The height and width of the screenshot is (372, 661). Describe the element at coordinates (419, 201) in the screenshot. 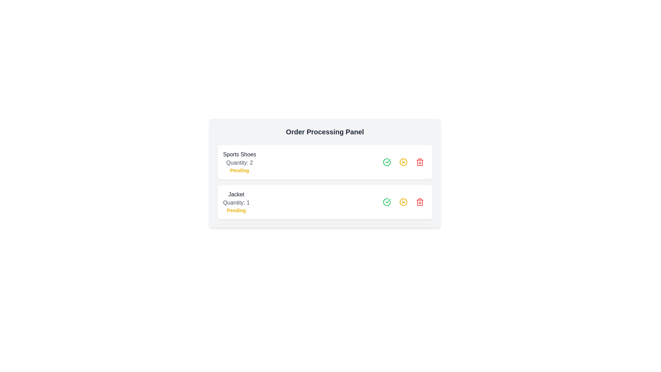

I see `the trash bin icon button located at the far right of the horizontal row of icons` at that location.